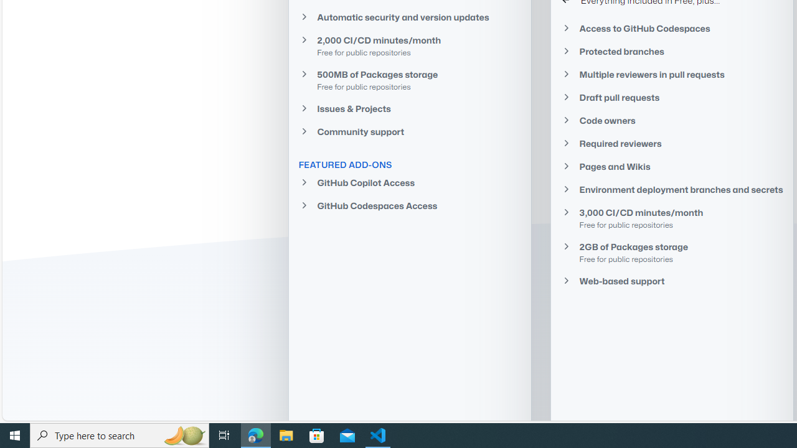 This screenshot has width=797, height=448. What do you see at coordinates (671, 28) in the screenshot?
I see `'Access to GitHub Codespaces'` at bounding box center [671, 28].